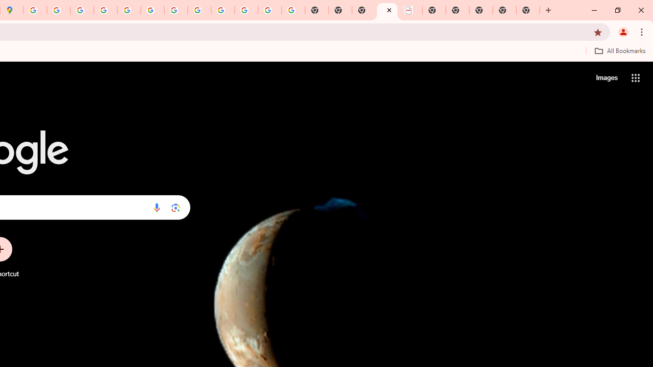 The image size is (653, 367). What do you see at coordinates (505, 10) in the screenshot?
I see `'New Tab'` at bounding box center [505, 10].